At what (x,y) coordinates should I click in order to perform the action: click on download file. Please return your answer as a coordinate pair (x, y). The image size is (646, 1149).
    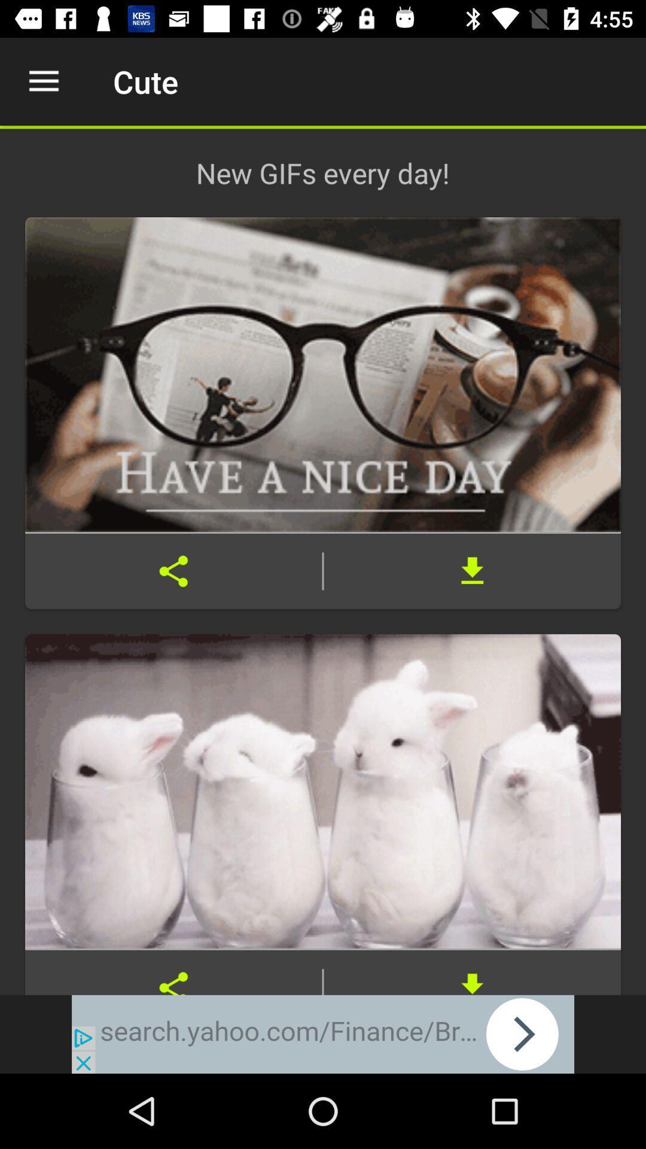
    Looking at the image, I should click on (471, 972).